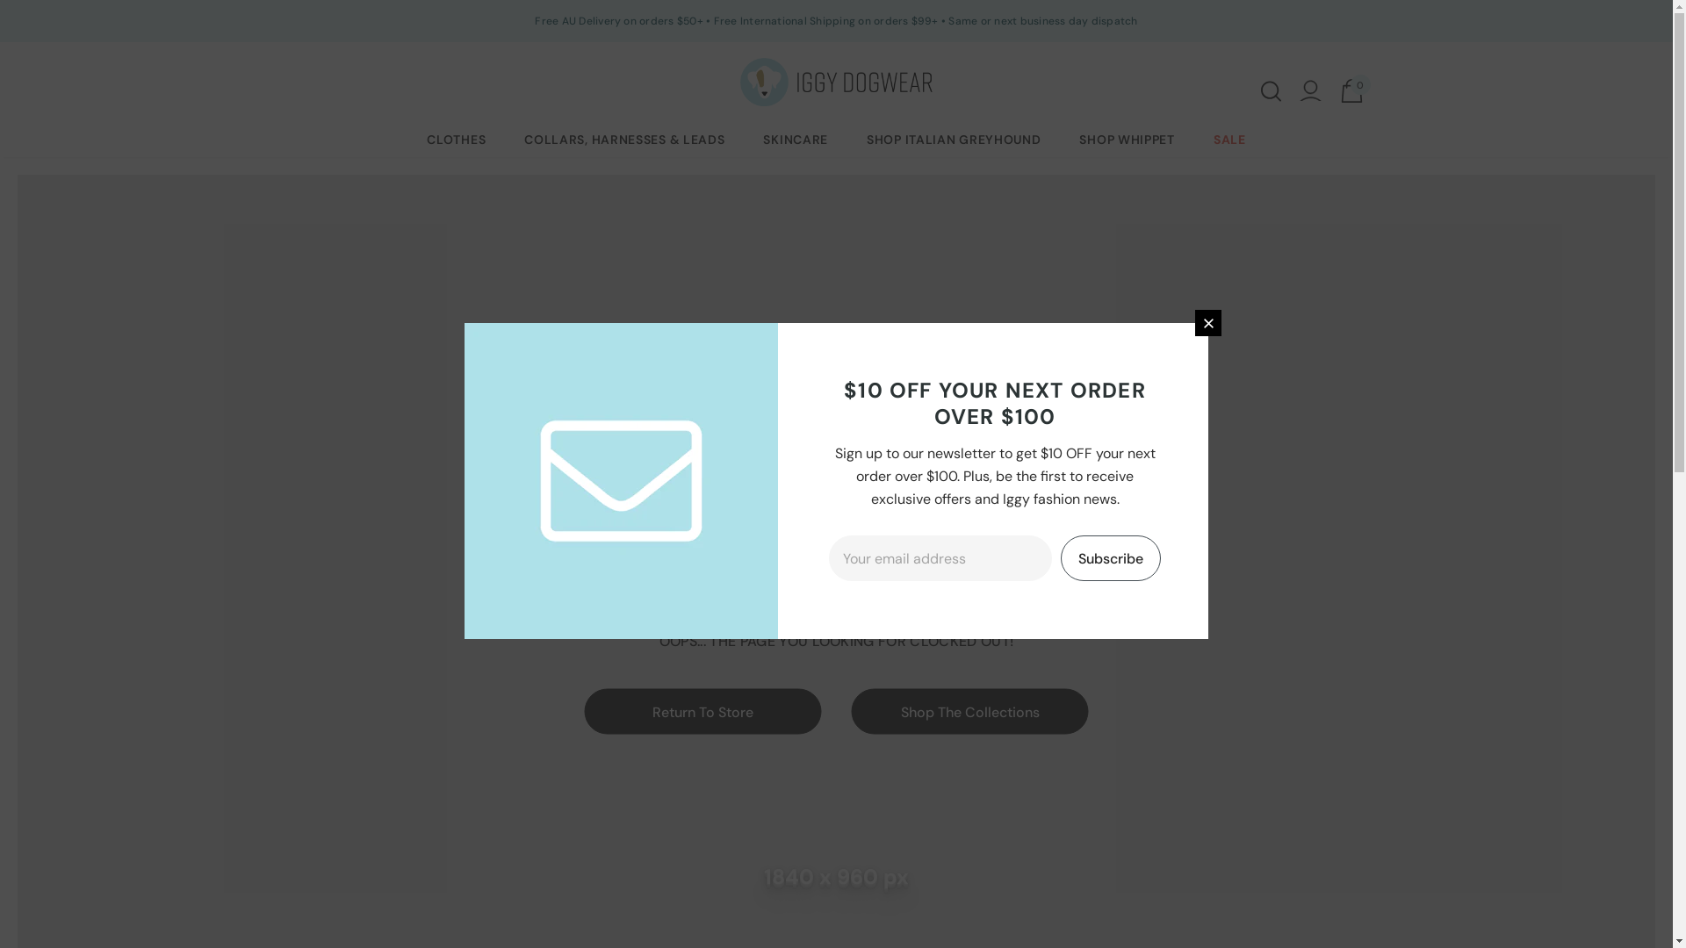  Describe the element at coordinates (969, 711) in the screenshot. I see `'Shop The Collections'` at that location.